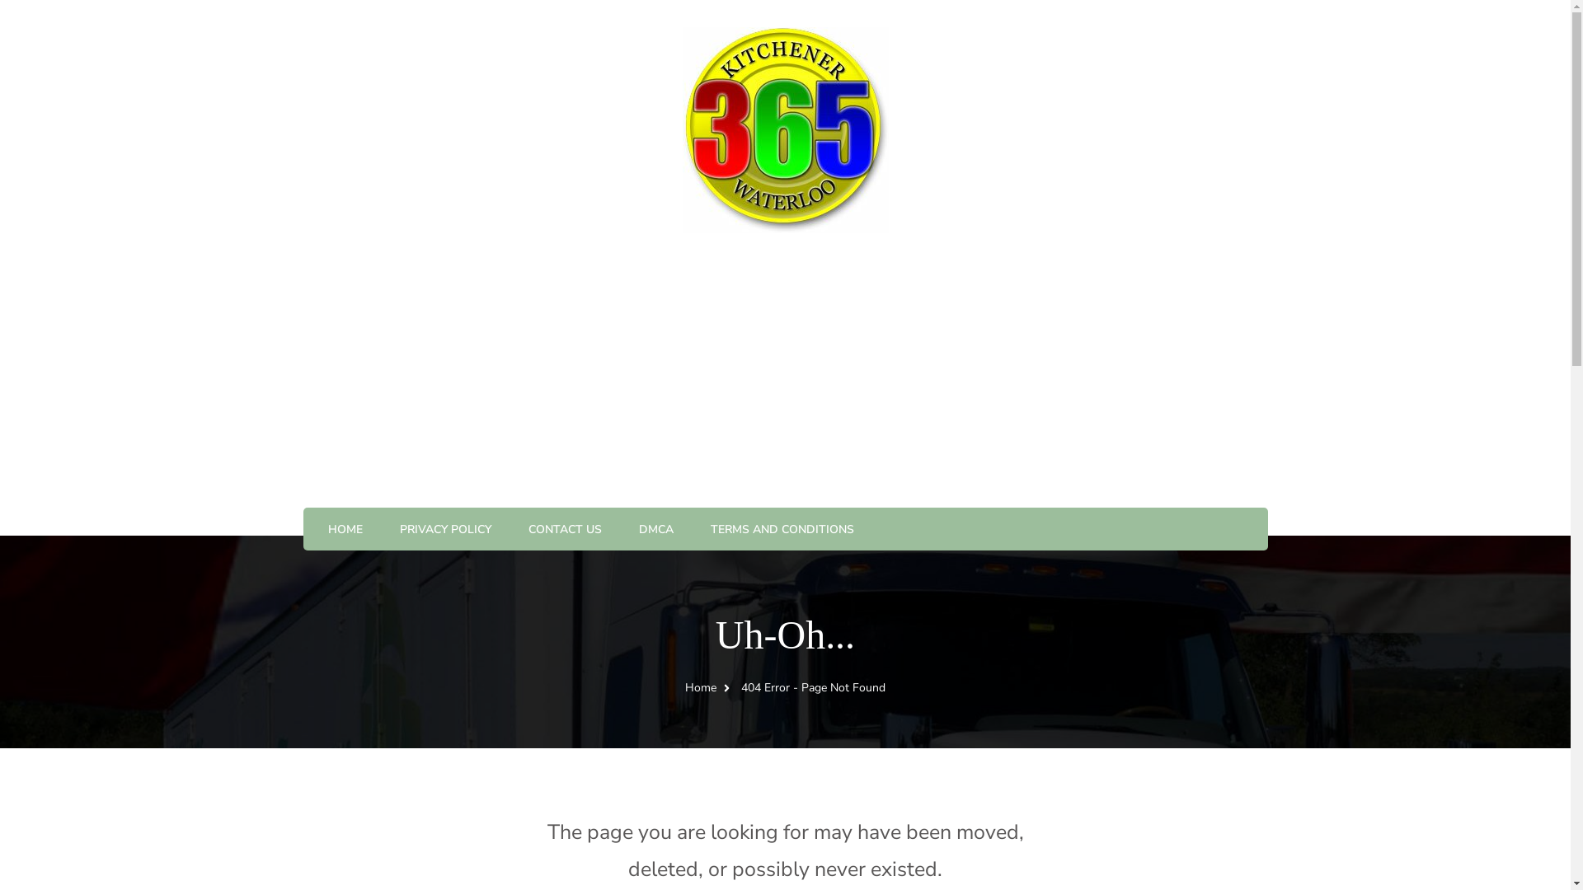 The height and width of the screenshot is (890, 1583). I want to click on 'Home', so click(700, 687).